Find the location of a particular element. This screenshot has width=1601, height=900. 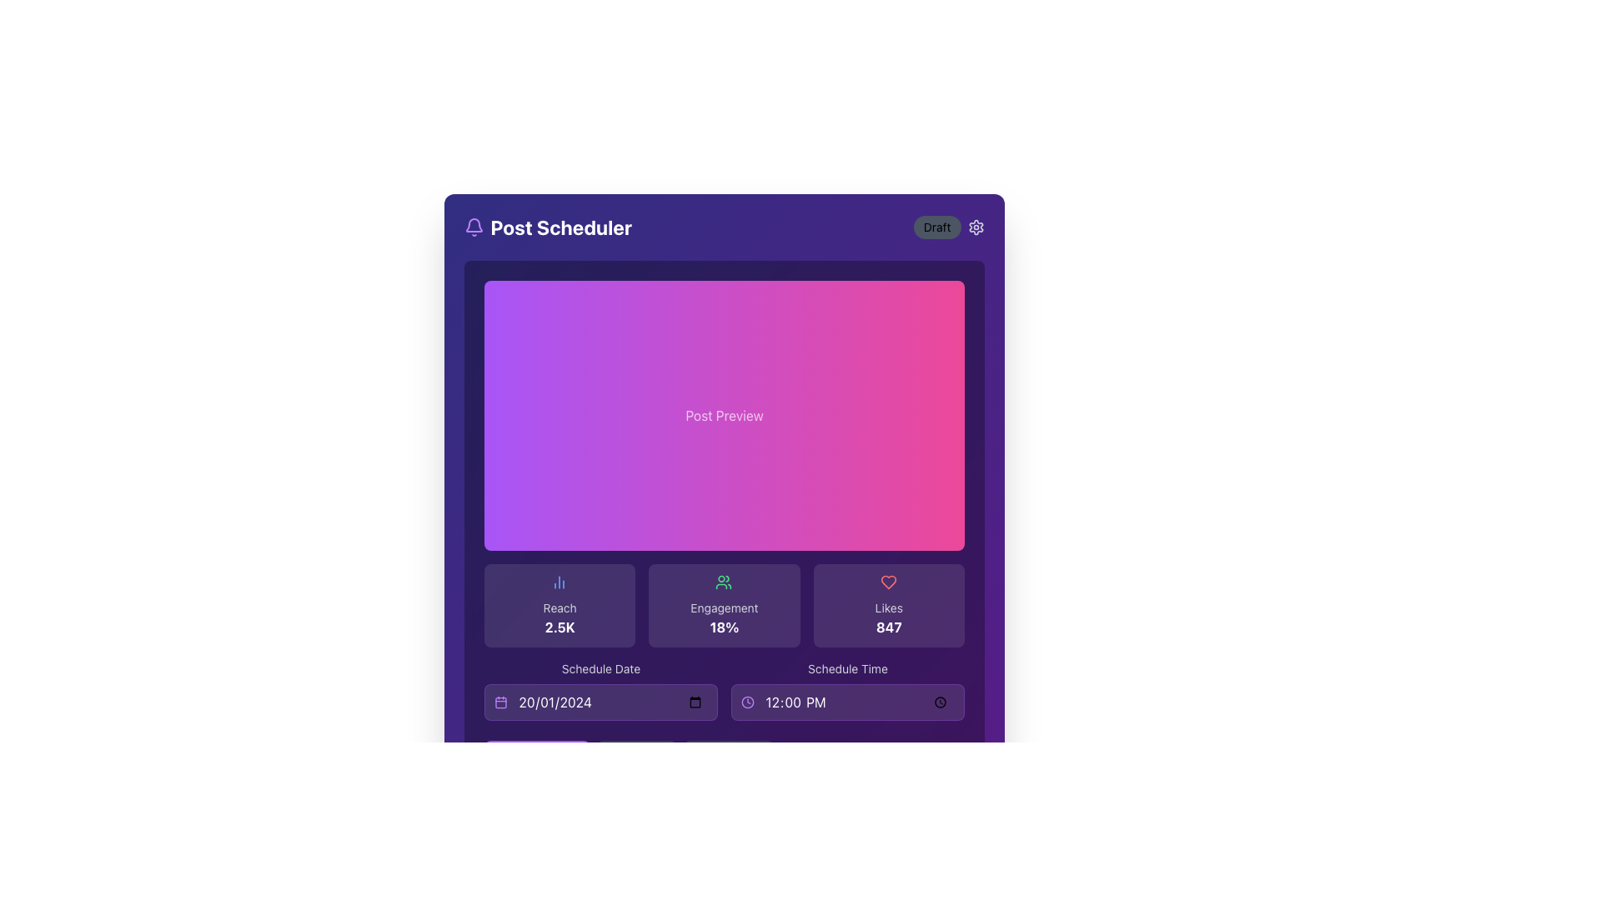

the displayed percentage in the text element that represents a statistic related to 'Engagement', located below the green icon and label text is located at coordinates (724, 627).